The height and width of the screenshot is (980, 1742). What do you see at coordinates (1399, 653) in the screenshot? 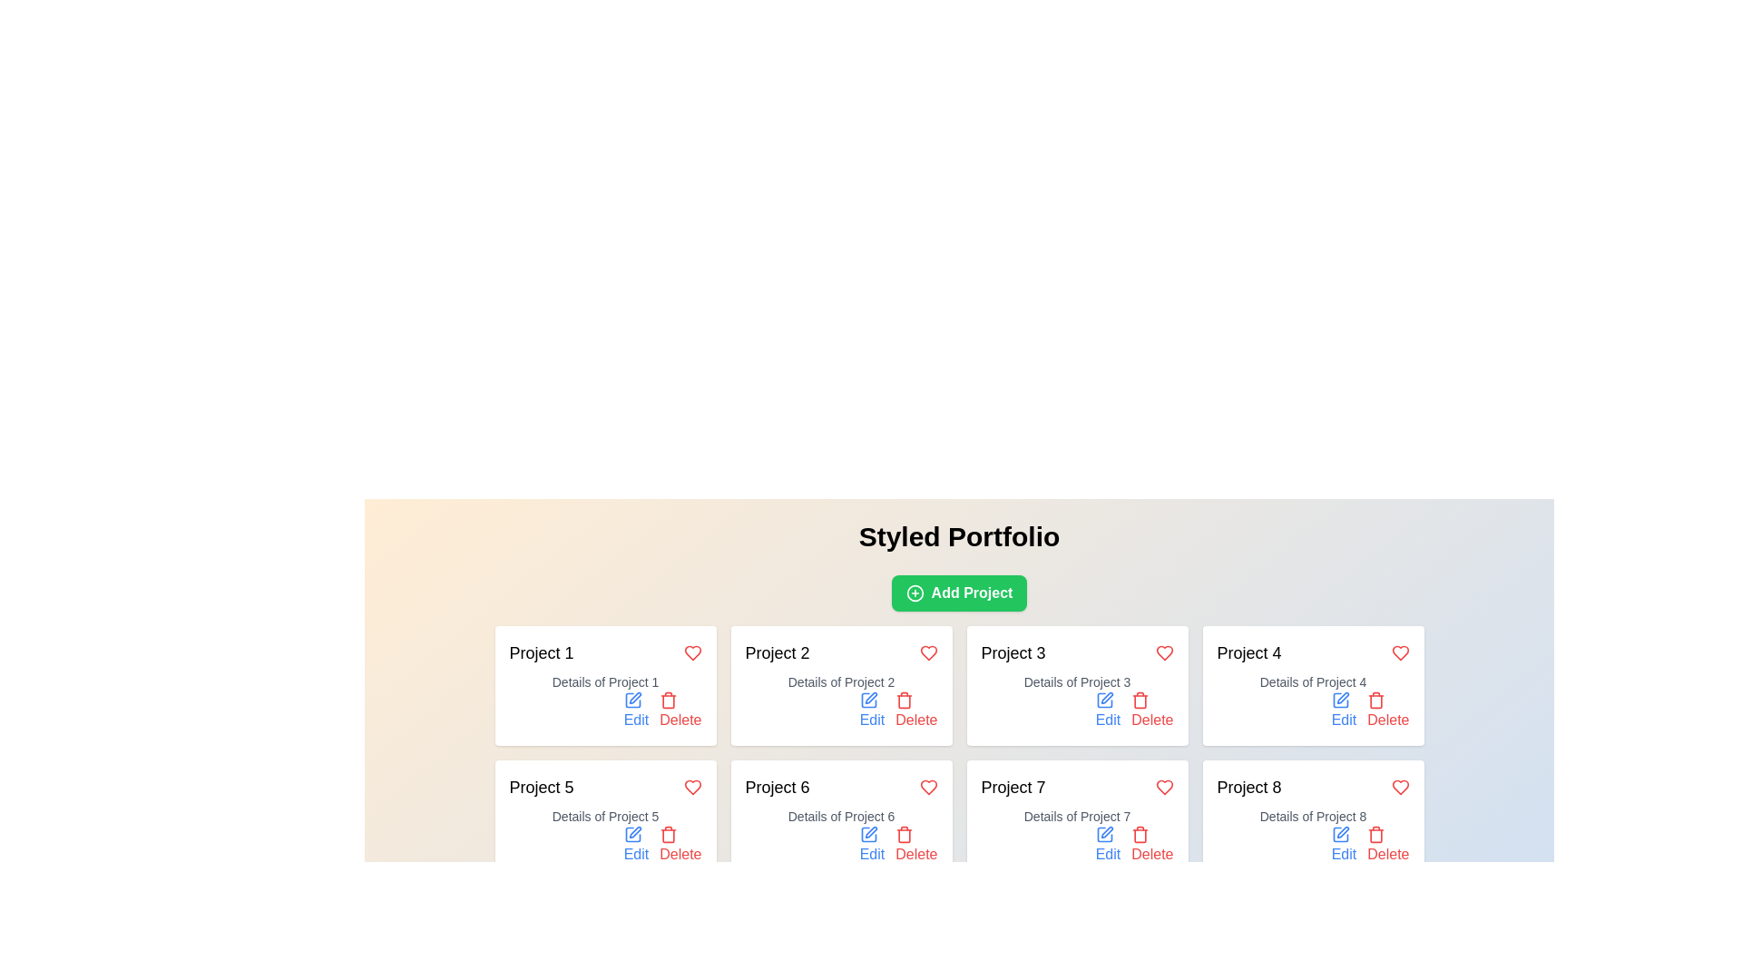
I see `the heart icon in the top-right corner of the 'Project 4' card to mark or unmark the project as favorite` at bounding box center [1399, 653].